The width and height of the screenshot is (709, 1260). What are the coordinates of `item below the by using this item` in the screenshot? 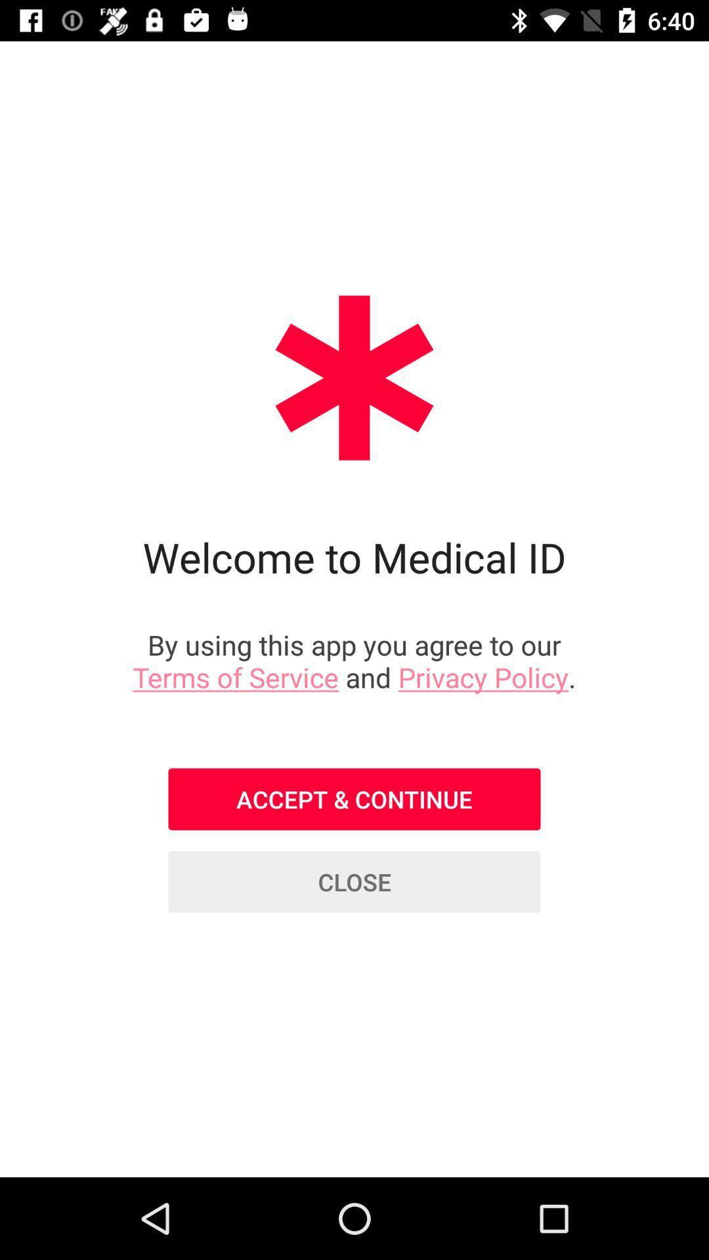 It's located at (354, 799).